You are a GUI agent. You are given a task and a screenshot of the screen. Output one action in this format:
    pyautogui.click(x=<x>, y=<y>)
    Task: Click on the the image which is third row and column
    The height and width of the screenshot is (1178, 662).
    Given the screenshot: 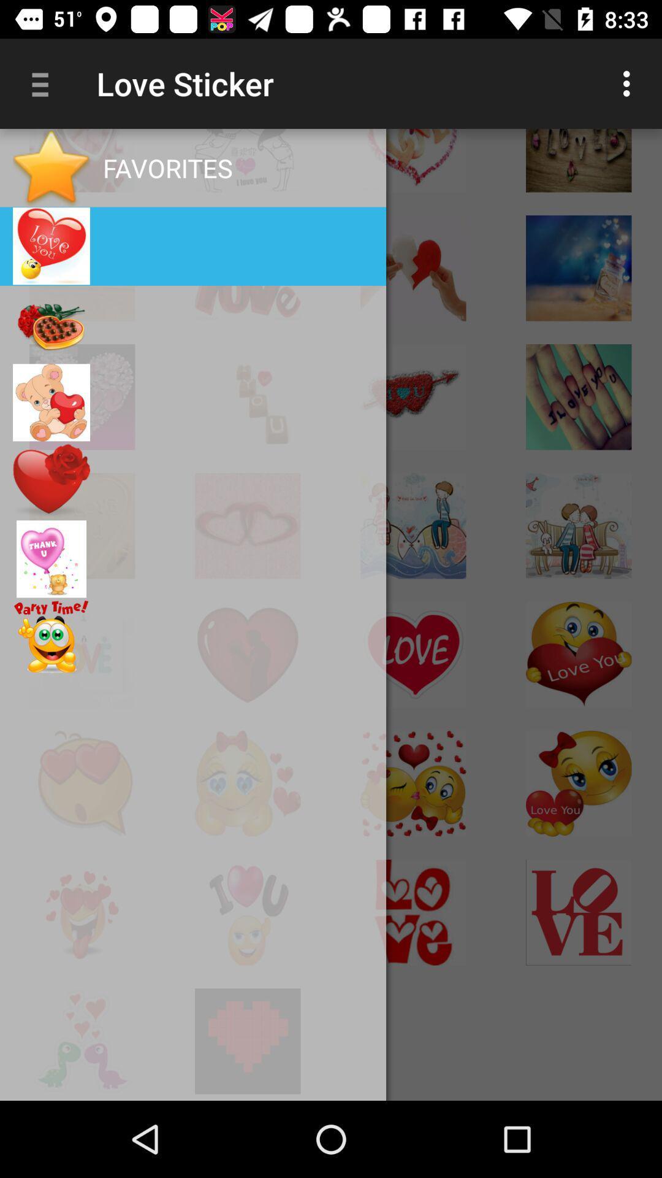 What is the action you would take?
    pyautogui.click(x=413, y=397)
    